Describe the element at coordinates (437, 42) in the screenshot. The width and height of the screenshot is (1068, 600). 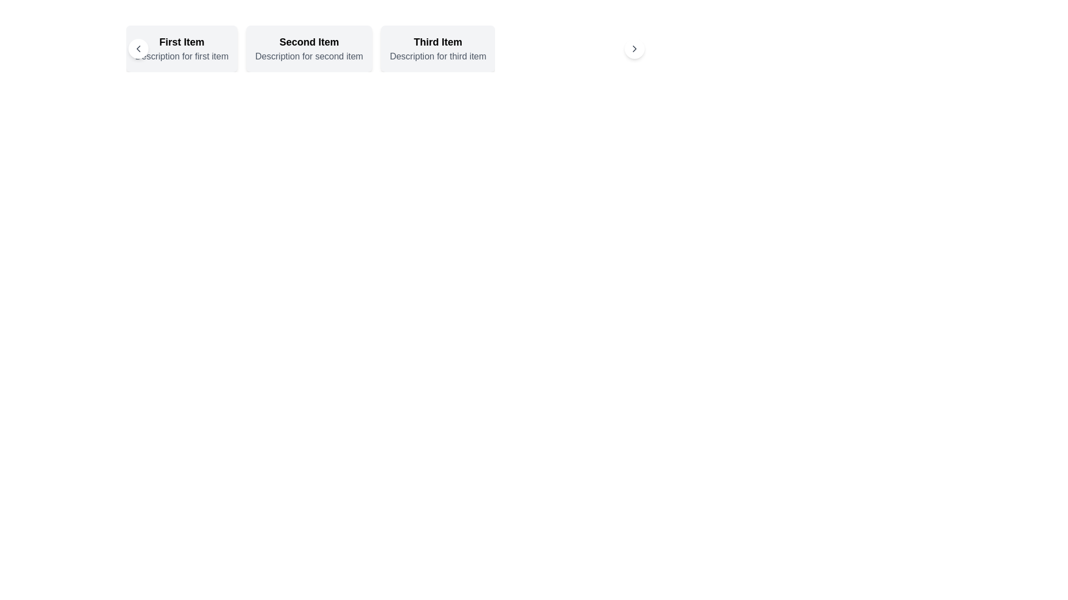
I see `the text label displaying 'Third Item', which is the upper label within a light-gray rectangular card with rounded corners` at that location.